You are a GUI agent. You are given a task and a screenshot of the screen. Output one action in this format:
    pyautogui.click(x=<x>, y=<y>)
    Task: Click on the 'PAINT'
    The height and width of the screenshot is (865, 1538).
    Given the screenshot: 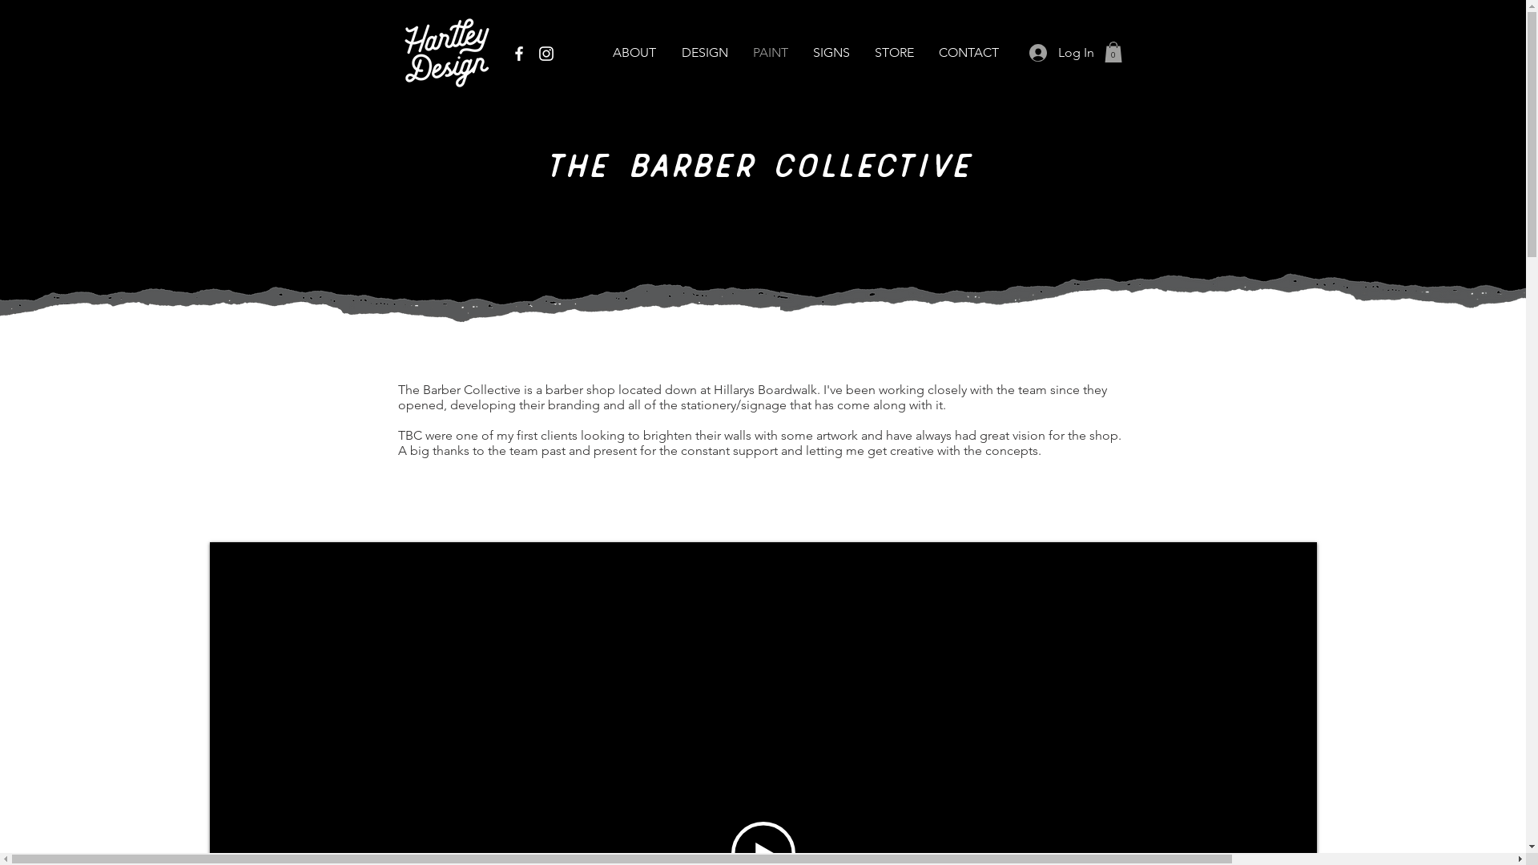 What is the action you would take?
    pyautogui.click(x=739, y=51)
    